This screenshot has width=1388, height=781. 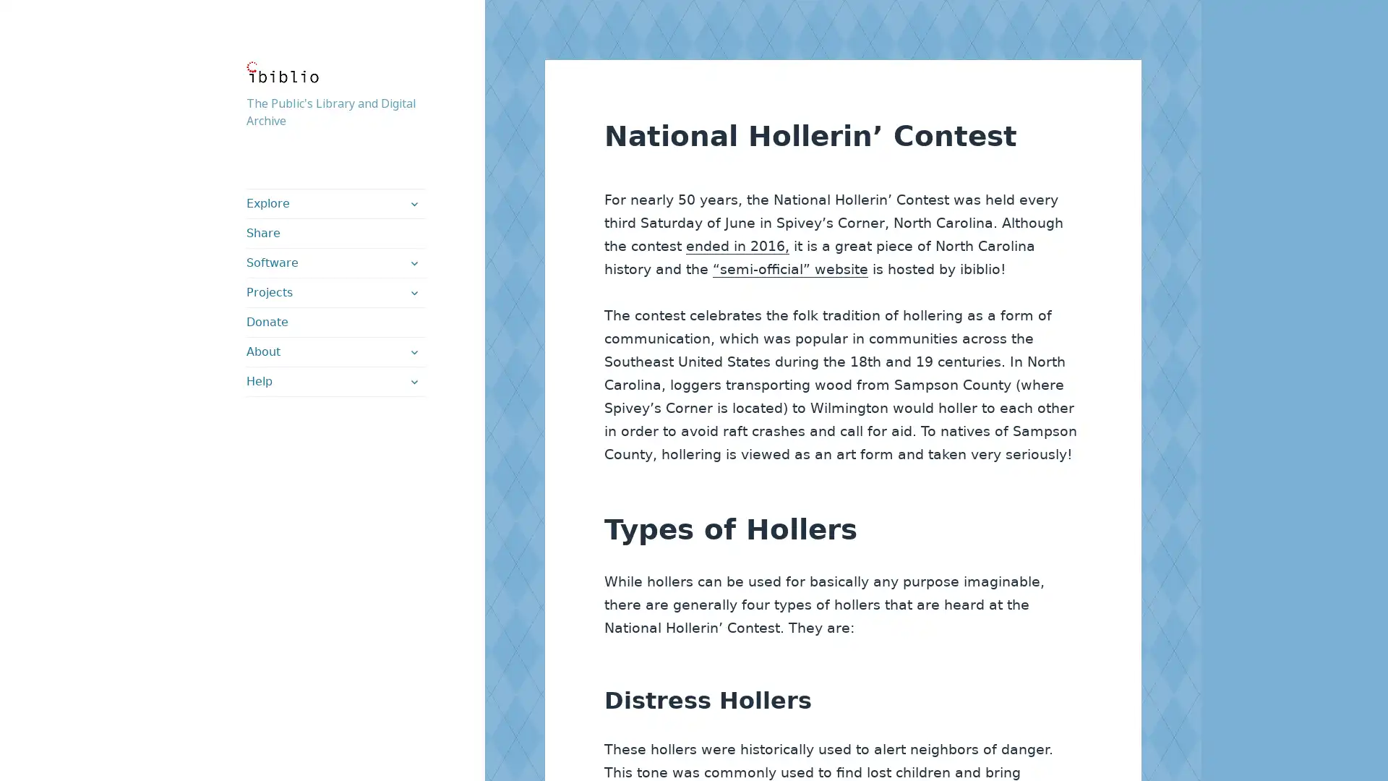 I want to click on expand child menu, so click(x=412, y=263).